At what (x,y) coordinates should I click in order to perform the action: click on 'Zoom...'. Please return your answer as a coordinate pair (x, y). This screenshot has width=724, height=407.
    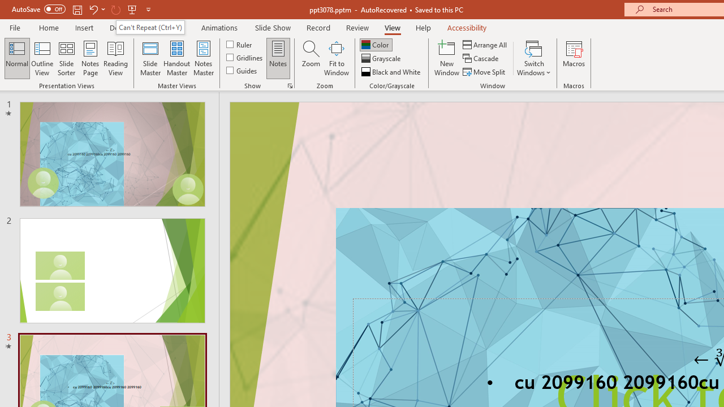
    Looking at the image, I should click on (311, 58).